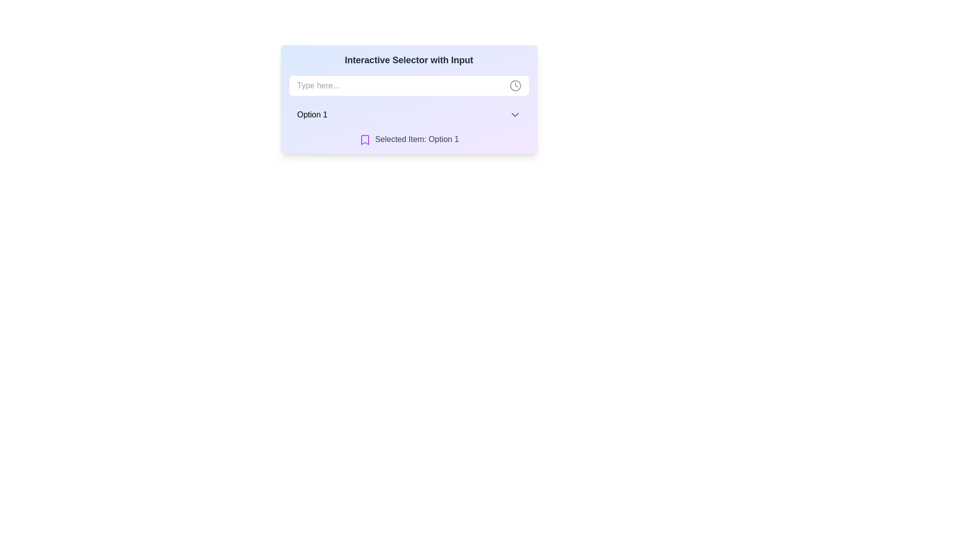 The height and width of the screenshot is (542, 963). I want to click on the bookmark icon with a purple outline located to the left of the text label 'Selected Item: Option 1', so click(364, 140).